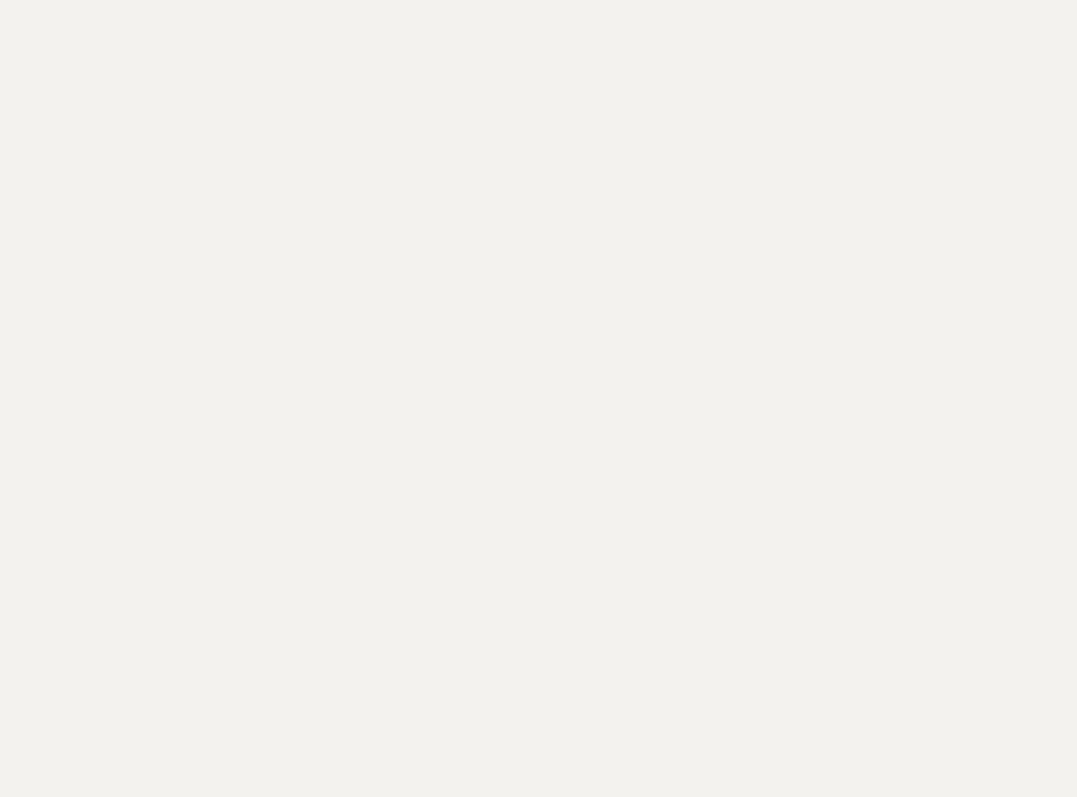  Describe the element at coordinates (314, 11) in the screenshot. I see `'Indigo location in Ottawa.'` at that location.